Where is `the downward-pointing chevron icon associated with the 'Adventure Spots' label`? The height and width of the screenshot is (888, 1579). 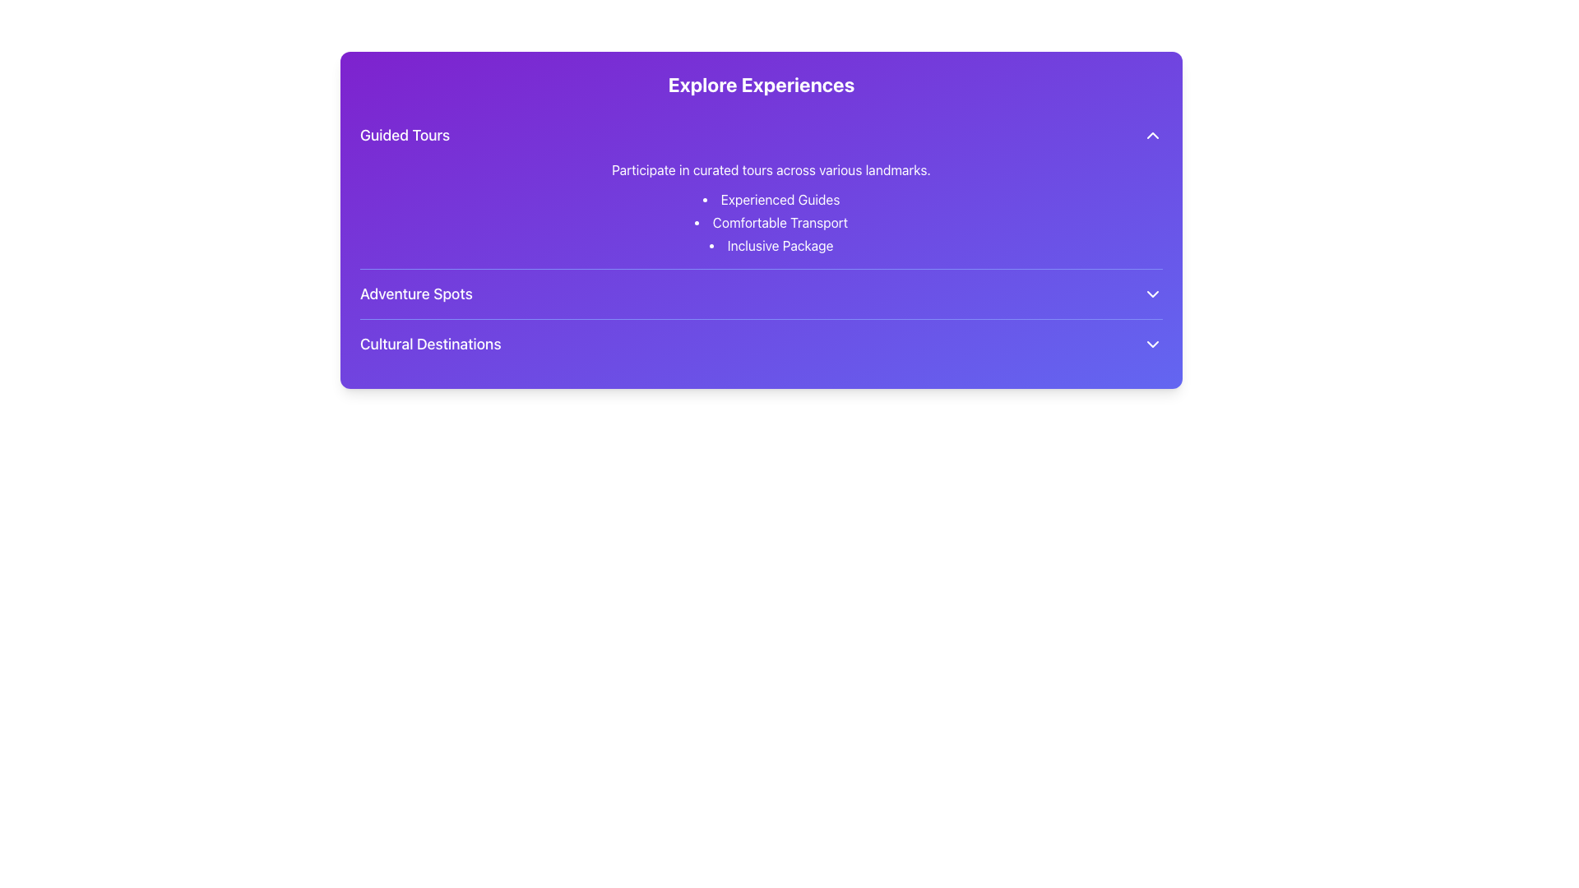 the downward-pointing chevron icon associated with the 'Adventure Spots' label is located at coordinates (1151, 294).